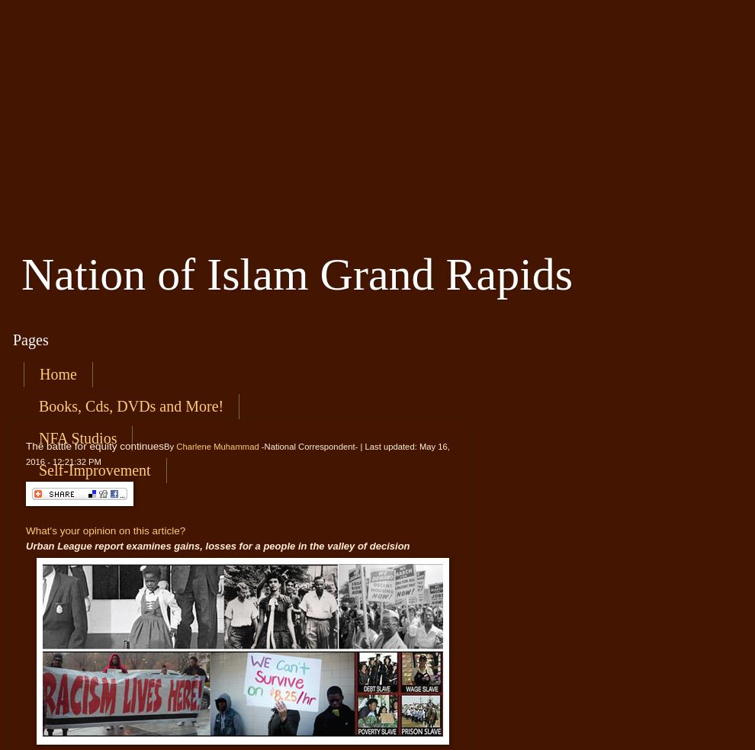 This screenshot has width=755, height=750. What do you see at coordinates (236, 453) in the screenshot?
I see `'-National Correspondent- | Last updated: May 16, 2016 - 12:21:32 PM'` at bounding box center [236, 453].